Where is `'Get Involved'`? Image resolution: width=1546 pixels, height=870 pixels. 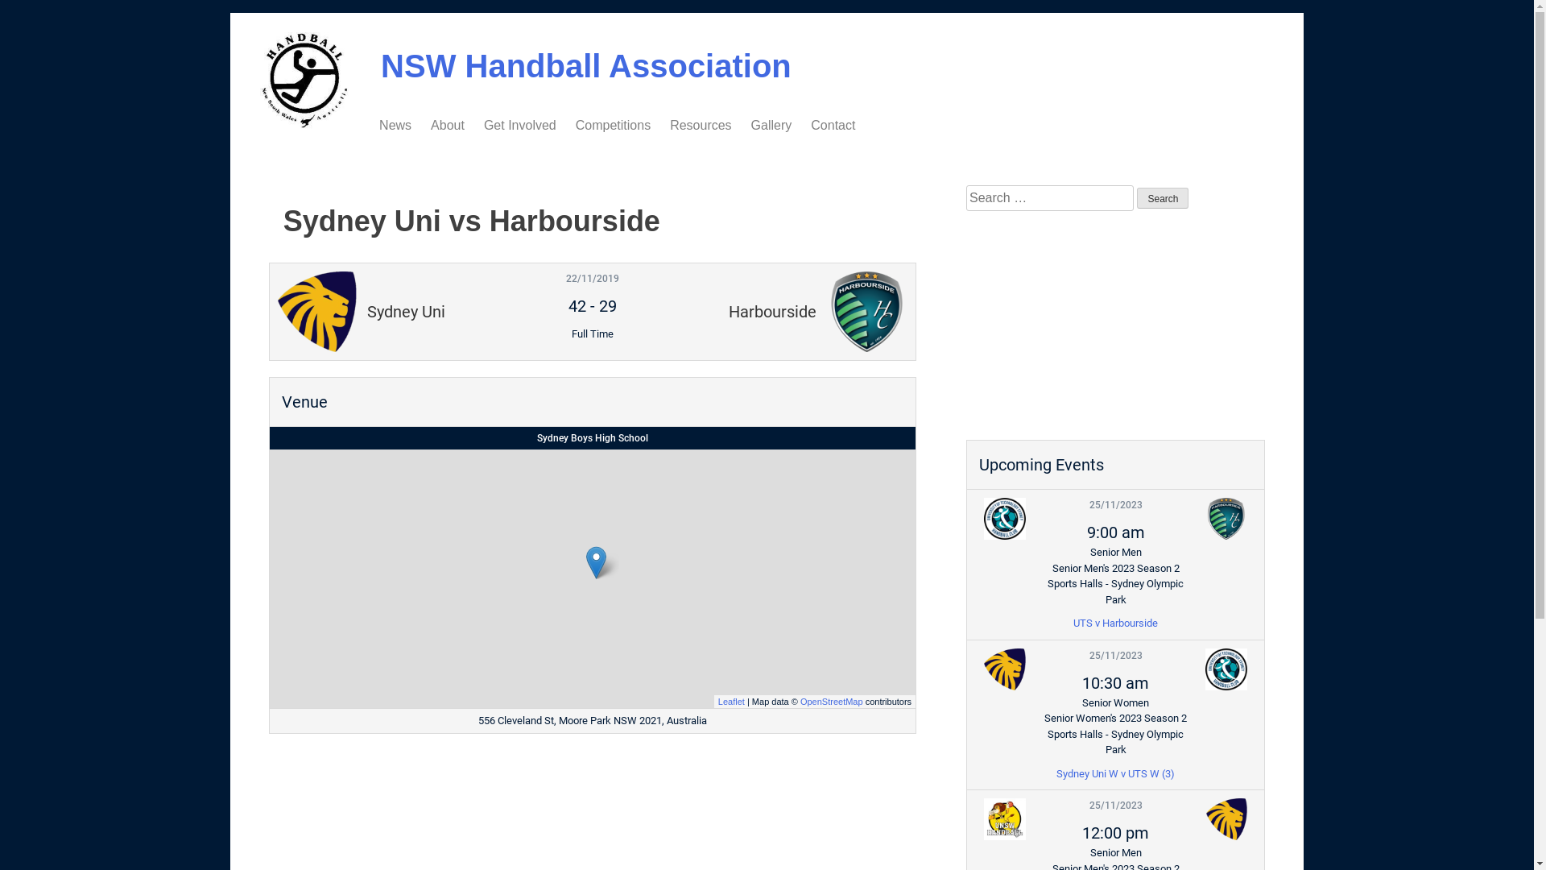
'Get Involved' is located at coordinates (482, 124).